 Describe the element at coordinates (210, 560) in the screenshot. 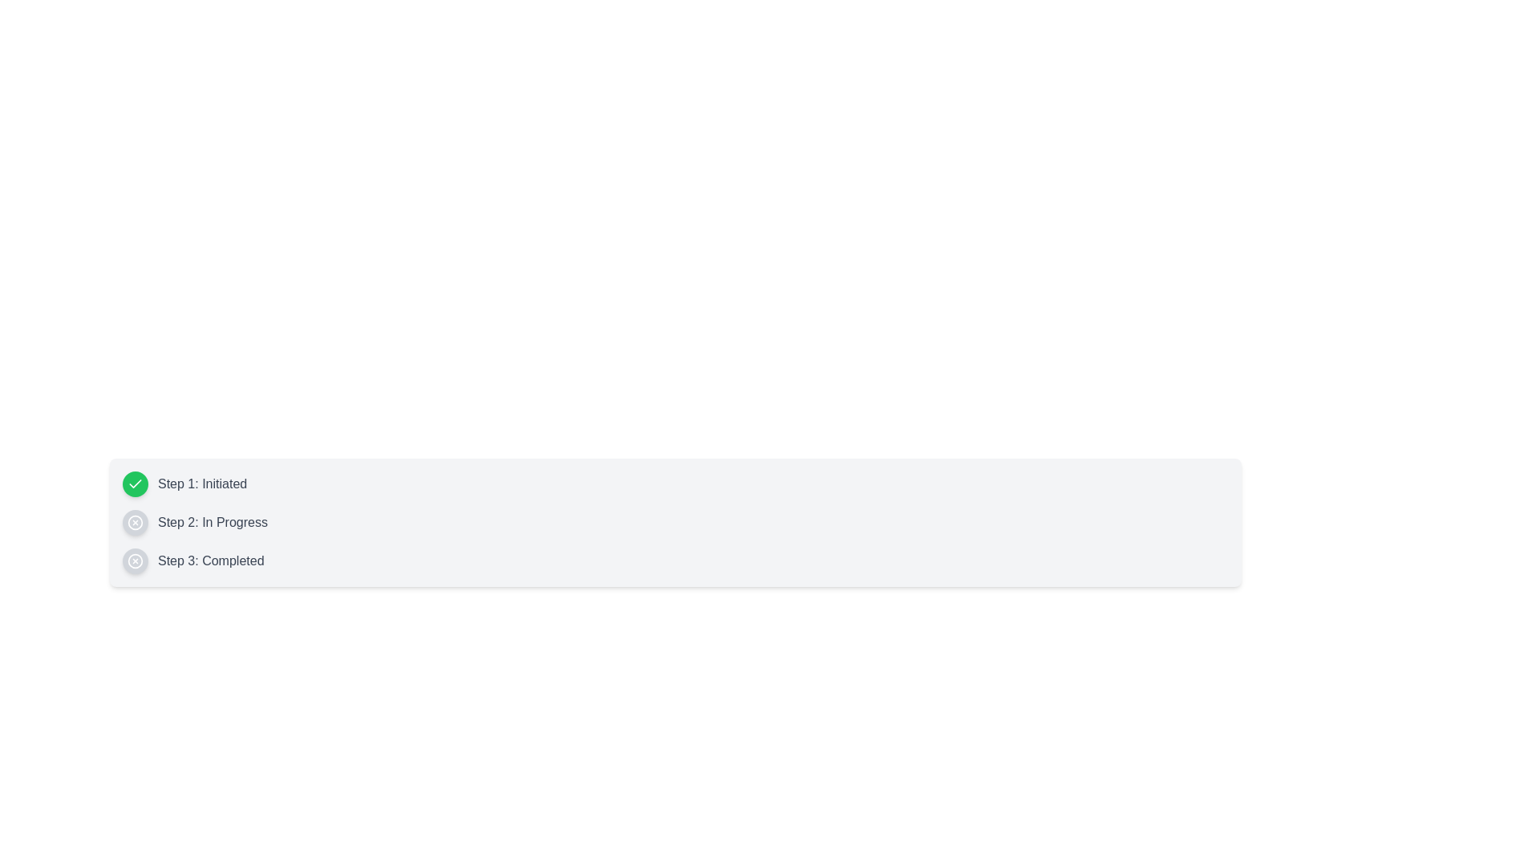

I see `the static text label that reads 'Step 3: Completed', which is styled in gray and aligned within a horizontal list of steps, positioned to the right of a circular icon with a cross mark inside` at that location.